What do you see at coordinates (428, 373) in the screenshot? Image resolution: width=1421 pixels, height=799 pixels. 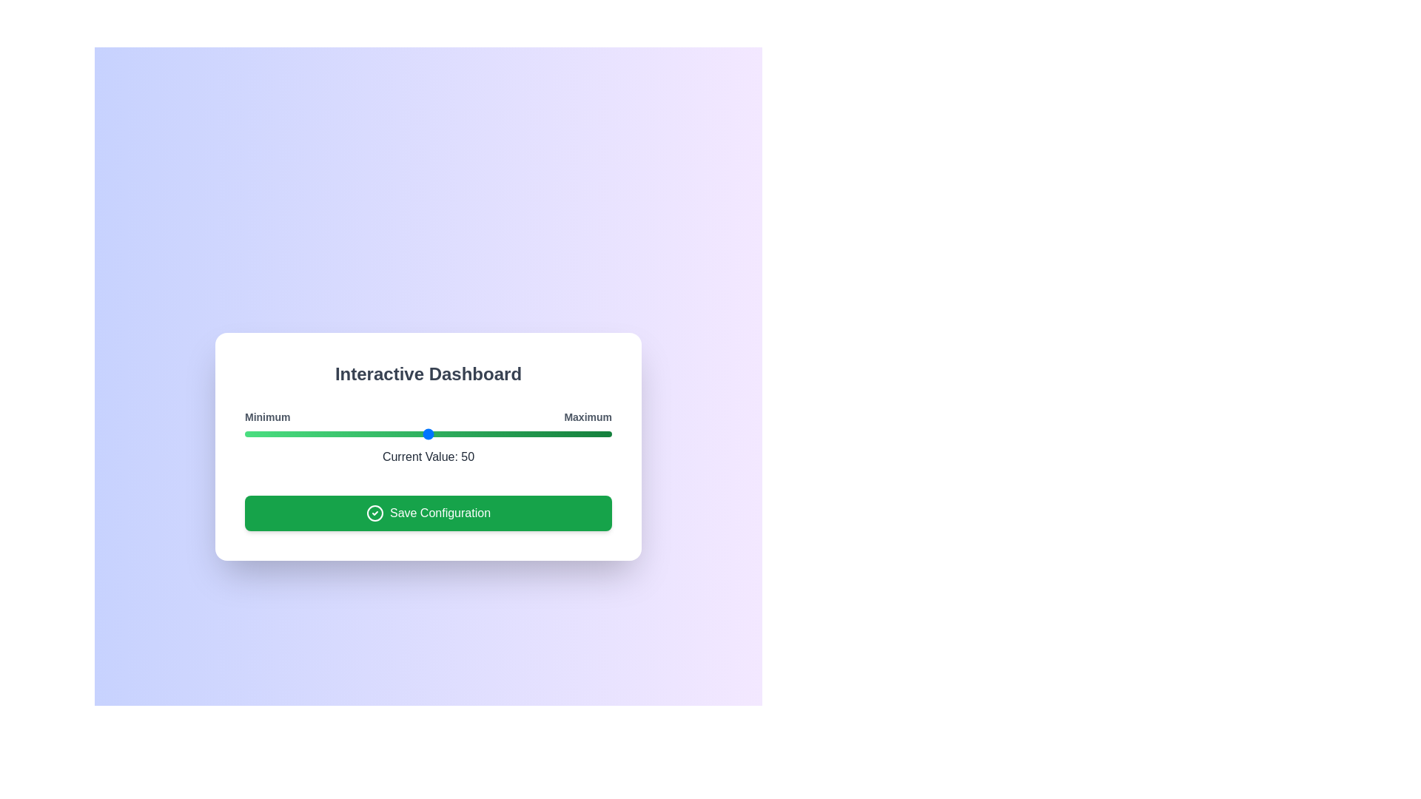 I see `the text 'Interactive Dashboard' to select it` at bounding box center [428, 373].